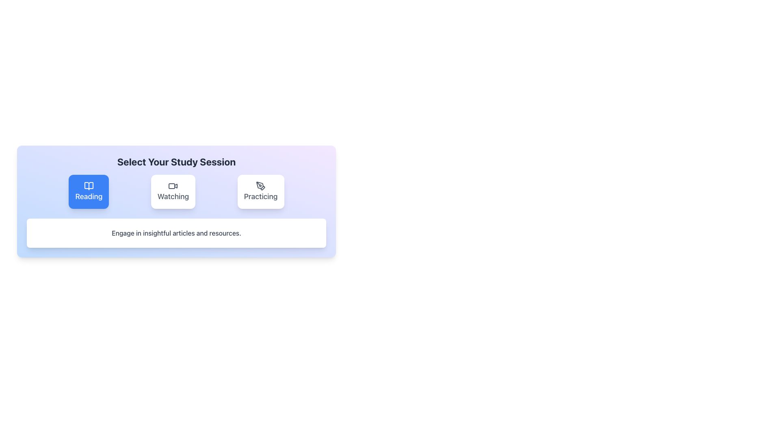 The image size is (780, 438). What do you see at coordinates (173, 186) in the screenshot?
I see `the video camera icon located above the 'Watching' button in the horizontal toolbar` at bounding box center [173, 186].